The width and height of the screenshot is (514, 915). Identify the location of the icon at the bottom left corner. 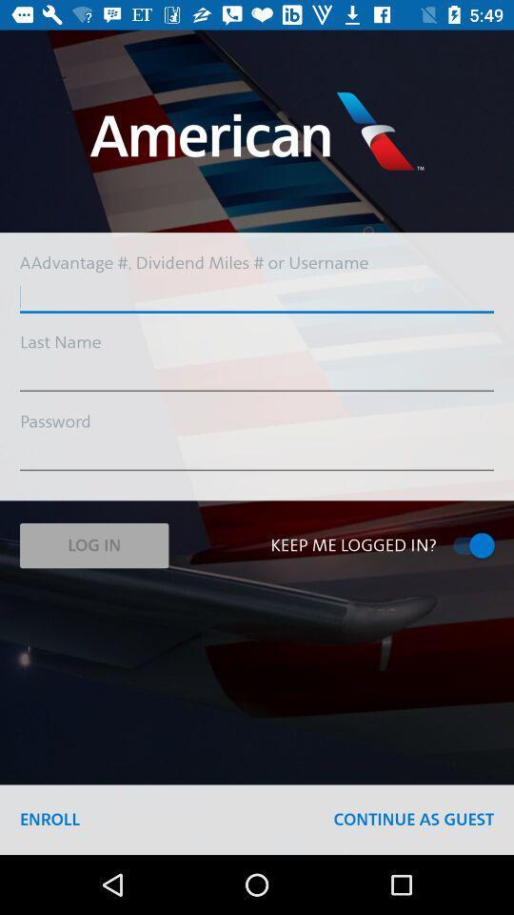
(49, 819).